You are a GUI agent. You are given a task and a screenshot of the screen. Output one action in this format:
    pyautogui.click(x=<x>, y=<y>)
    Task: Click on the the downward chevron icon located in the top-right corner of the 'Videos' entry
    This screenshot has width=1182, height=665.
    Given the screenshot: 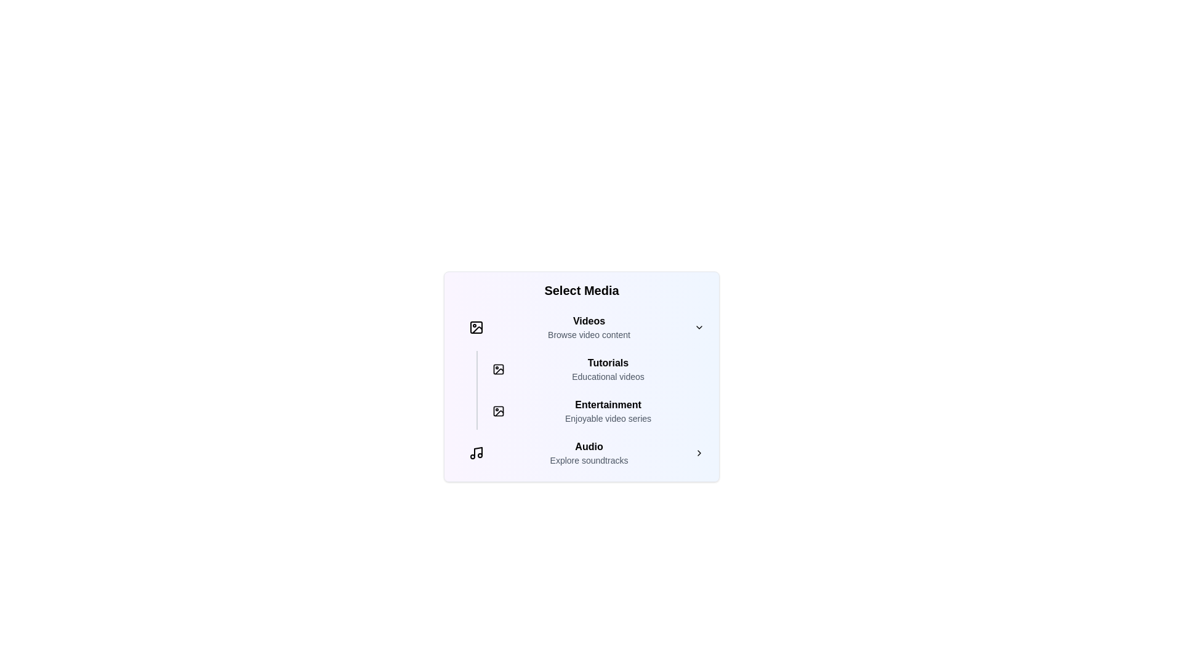 What is the action you would take?
    pyautogui.click(x=699, y=327)
    